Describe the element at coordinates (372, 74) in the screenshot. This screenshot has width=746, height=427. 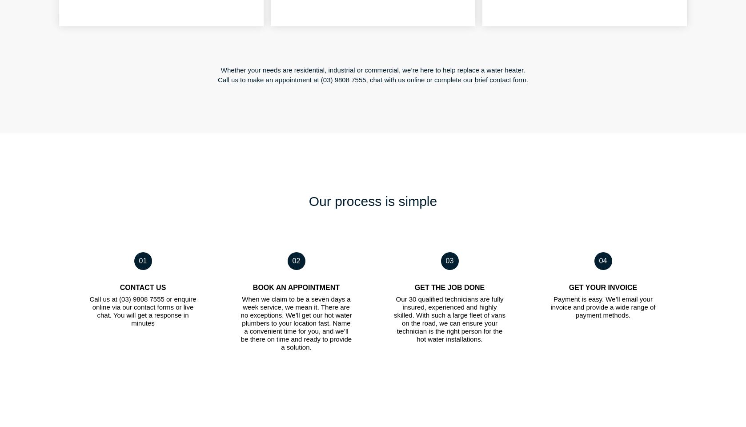
I see `'Whether your needs are residential, industrial or commercial, we’re here to help replace a water heater. Call us to make an appointment at (03) 9808 7555, chat with us online or complete our brief contact form.'` at that location.